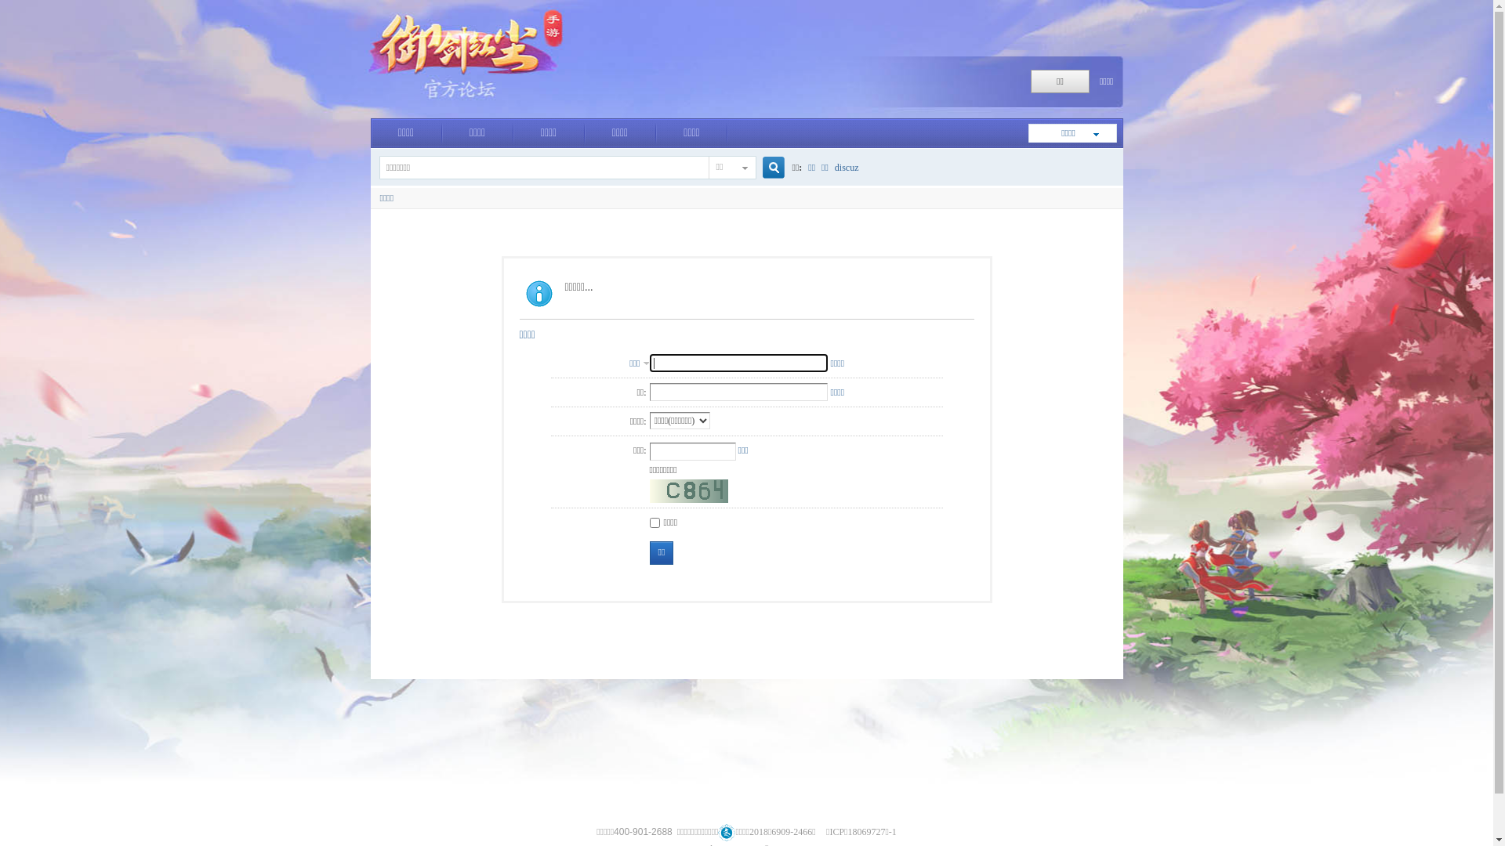  Describe the element at coordinates (846, 168) in the screenshot. I see `'discuz'` at that location.